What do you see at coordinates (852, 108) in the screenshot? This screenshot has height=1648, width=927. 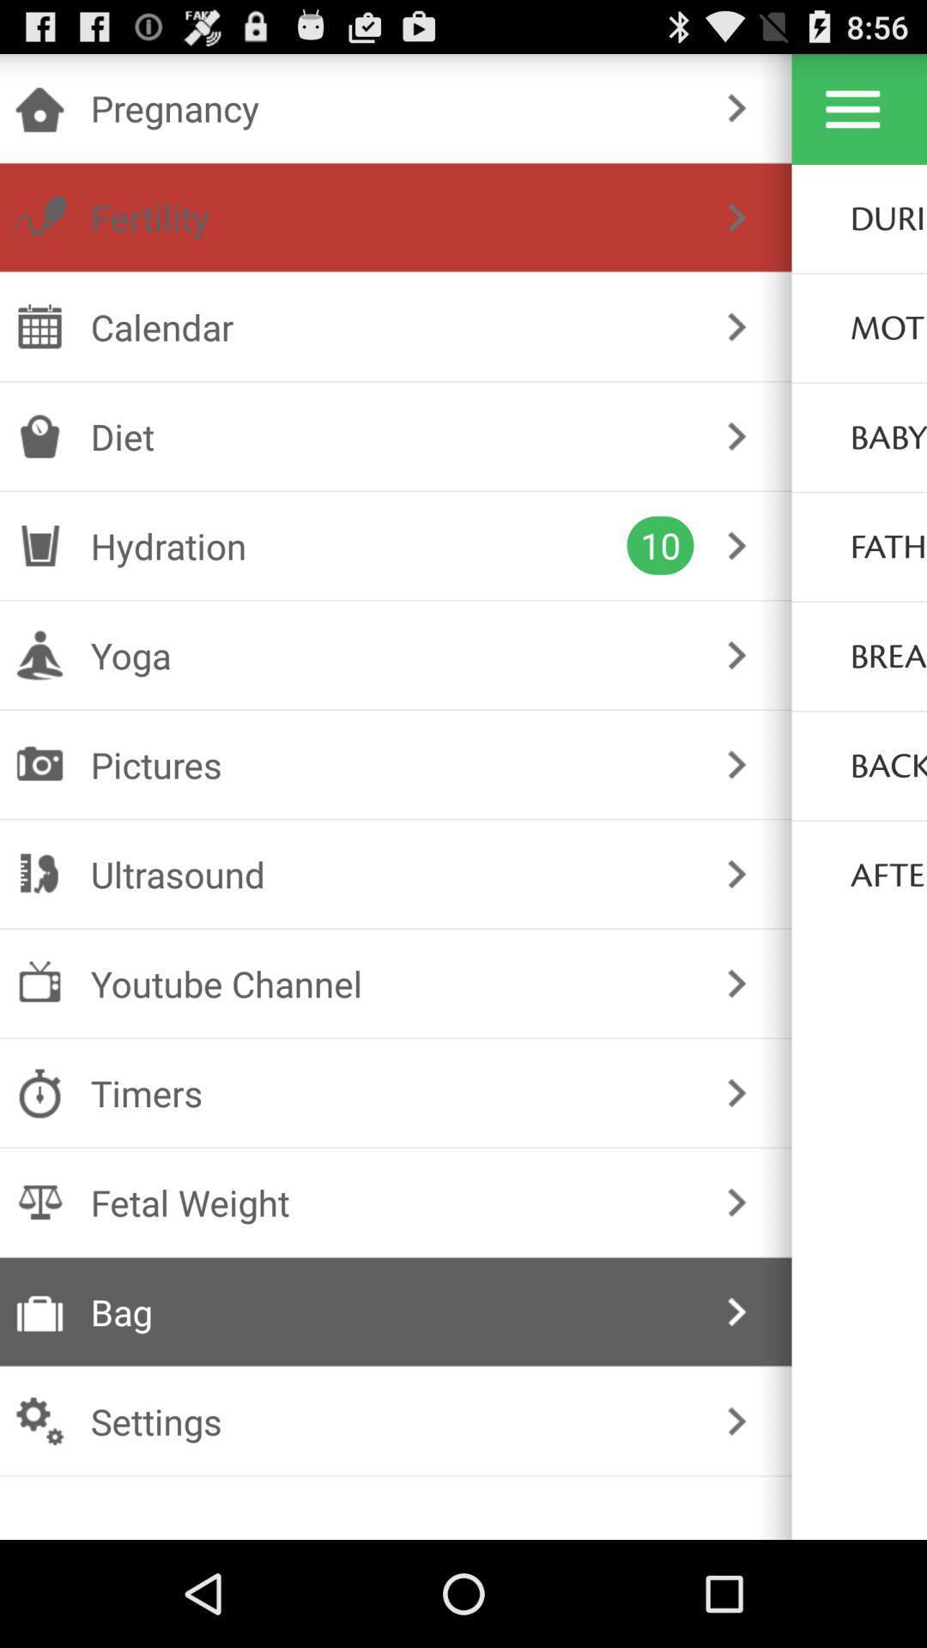 I see `menu` at bounding box center [852, 108].